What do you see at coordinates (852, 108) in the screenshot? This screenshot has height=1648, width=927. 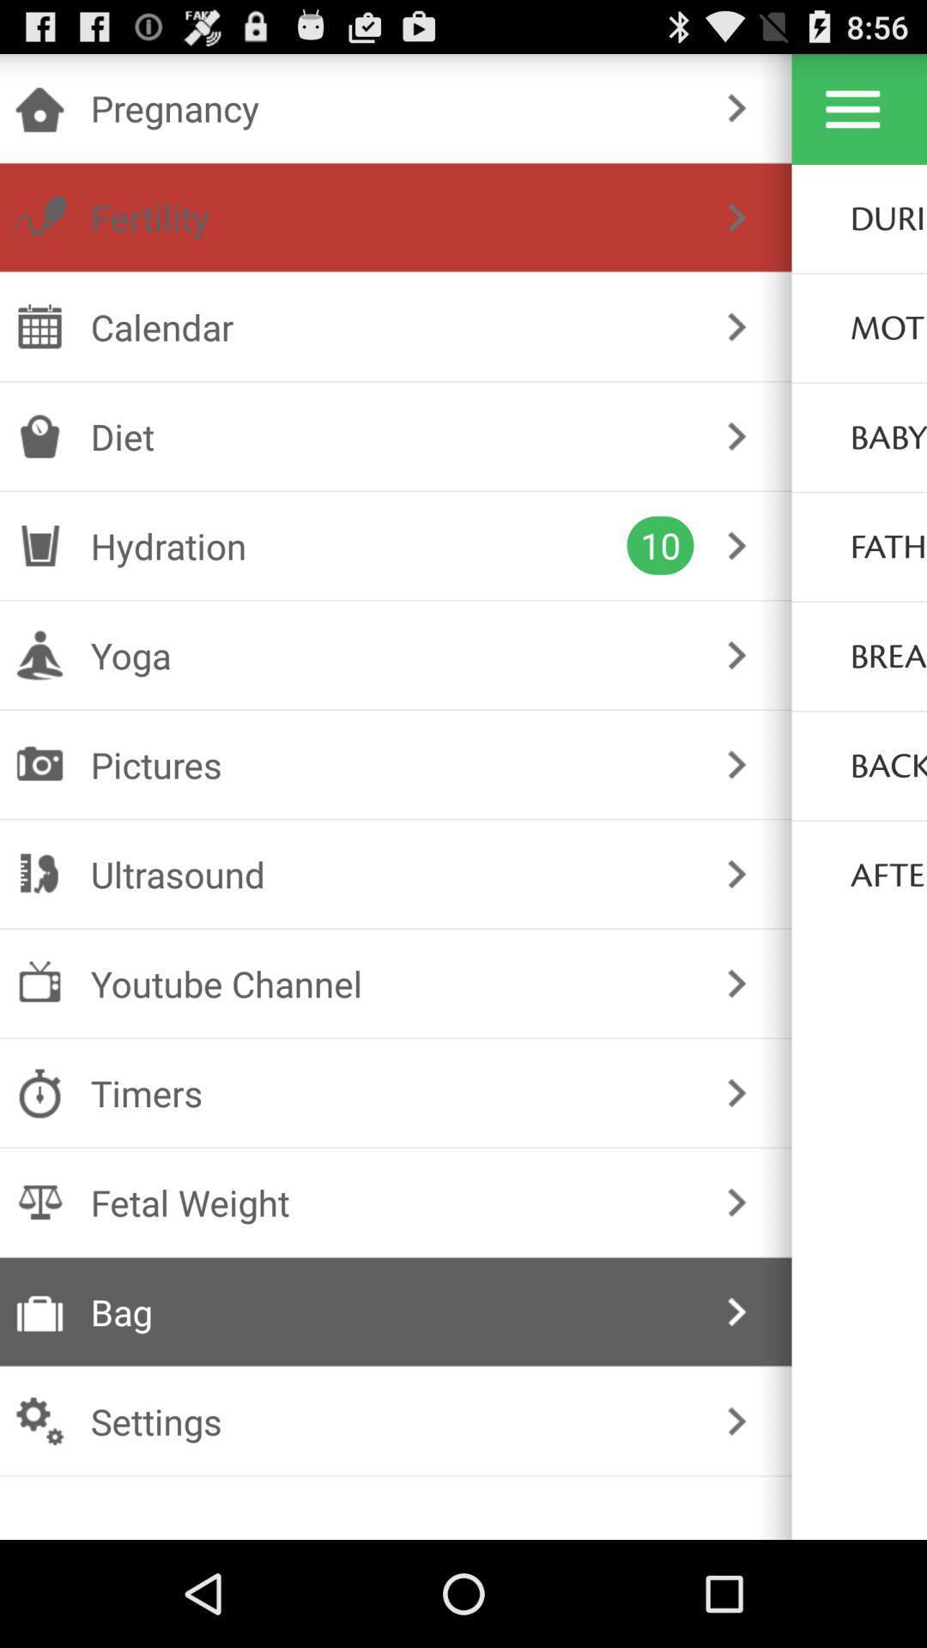 I see `menu` at bounding box center [852, 108].